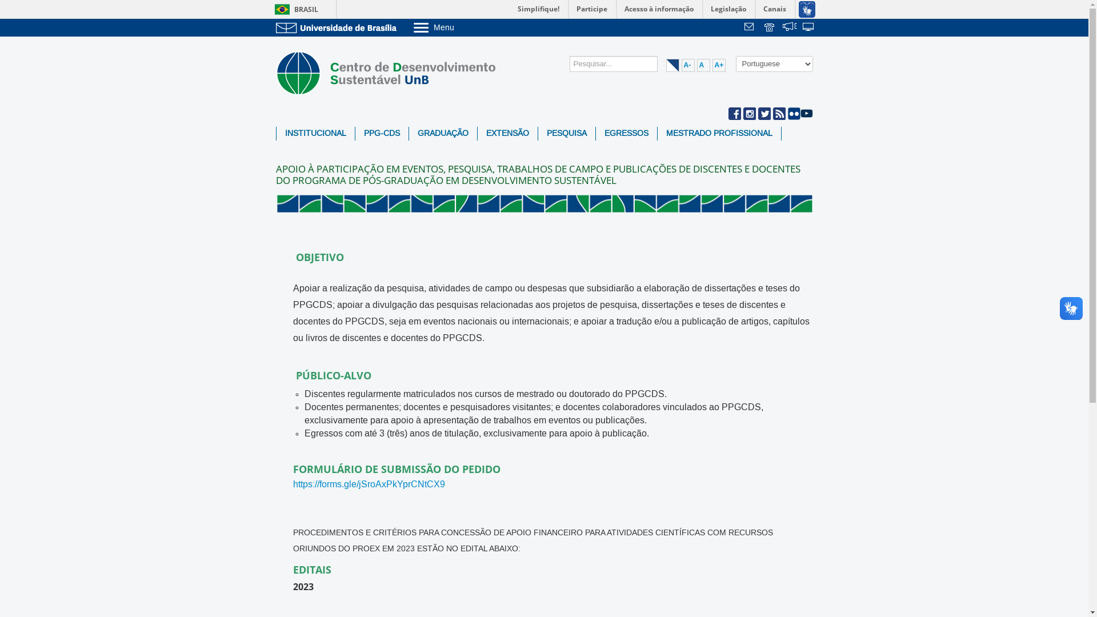 Image resolution: width=1097 pixels, height=617 pixels. Describe the element at coordinates (368, 484) in the screenshot. I see `'https://forms.gle/jSroAxPkYprCNtCX9'` at that location.